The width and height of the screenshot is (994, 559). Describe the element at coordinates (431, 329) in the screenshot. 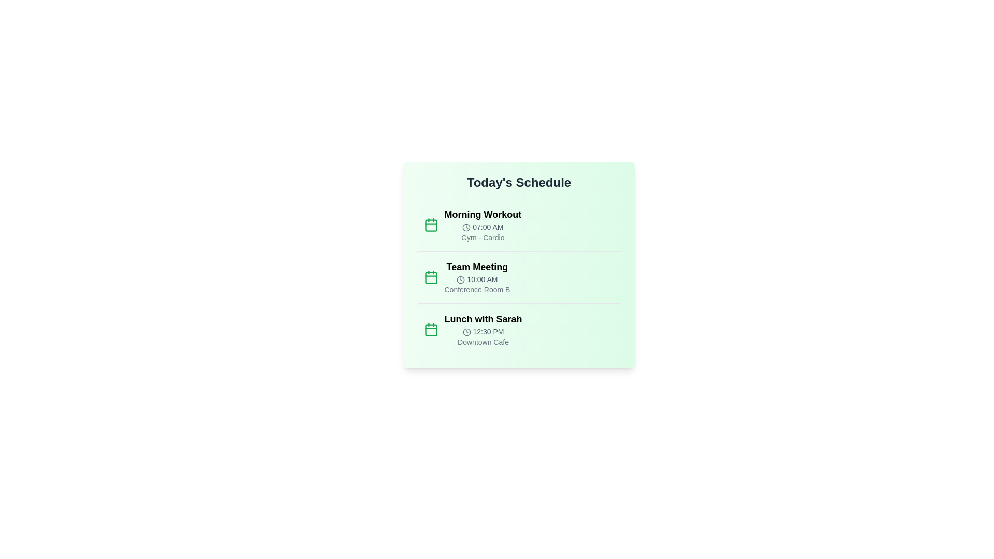

I see `the calendar icon for the Lunch with Sarah event` at that location.